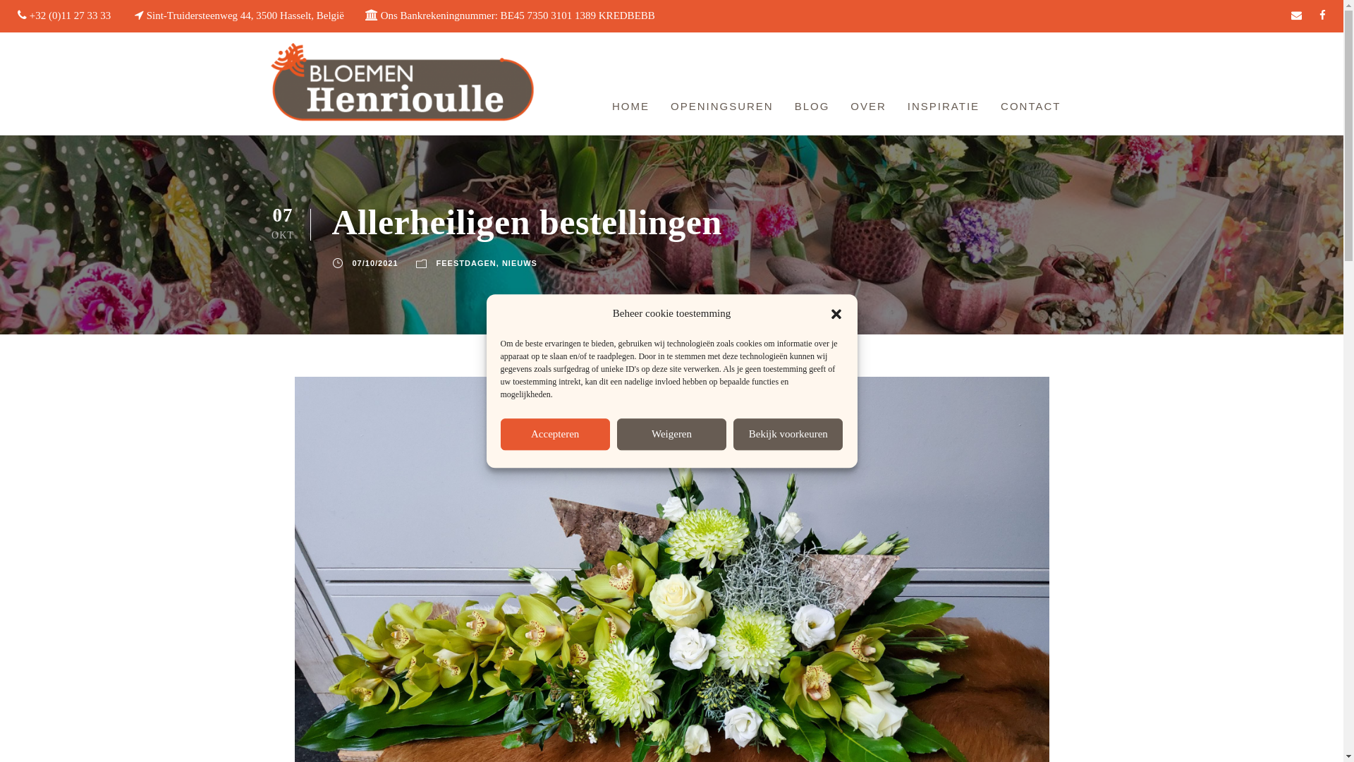  Describe the element at coordinates (466, 263) in the screenshot. I see `'FEESTDAGEN'` at that location.